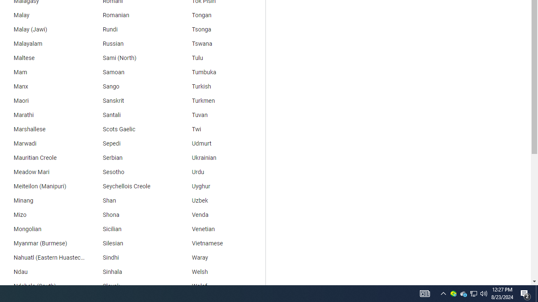 Image resolution: width=538 pixels, height=302 pixels. What do you see at coordinates (131, 57) in the screenshot?
I see `'Sami (North)'` at bounding box center [131, 57].